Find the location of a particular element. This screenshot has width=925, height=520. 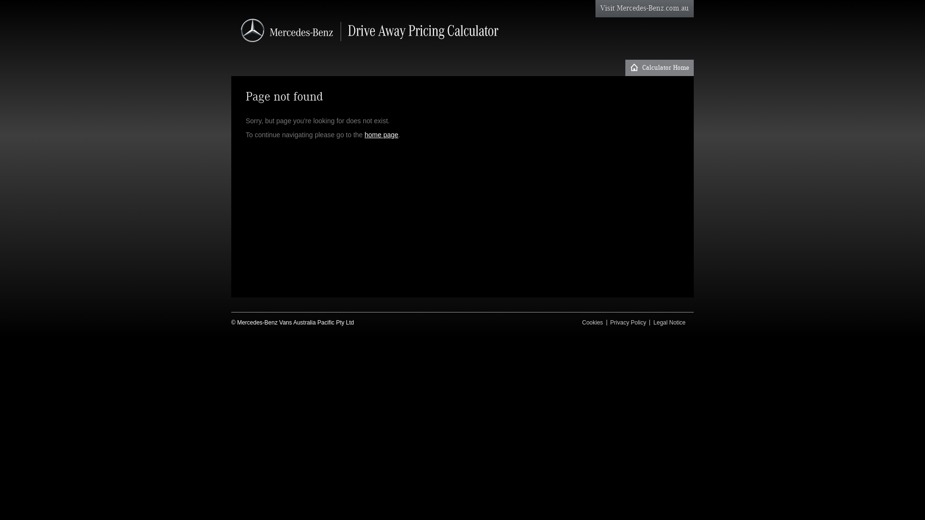

'Legal Notice' is located at coordinates (669, 323).